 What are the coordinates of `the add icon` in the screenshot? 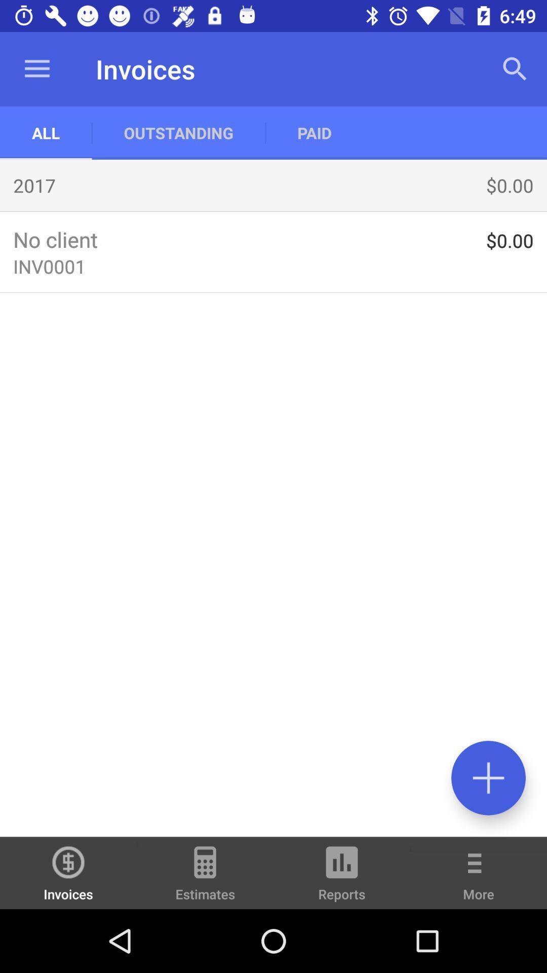 It's located at (488, 777).